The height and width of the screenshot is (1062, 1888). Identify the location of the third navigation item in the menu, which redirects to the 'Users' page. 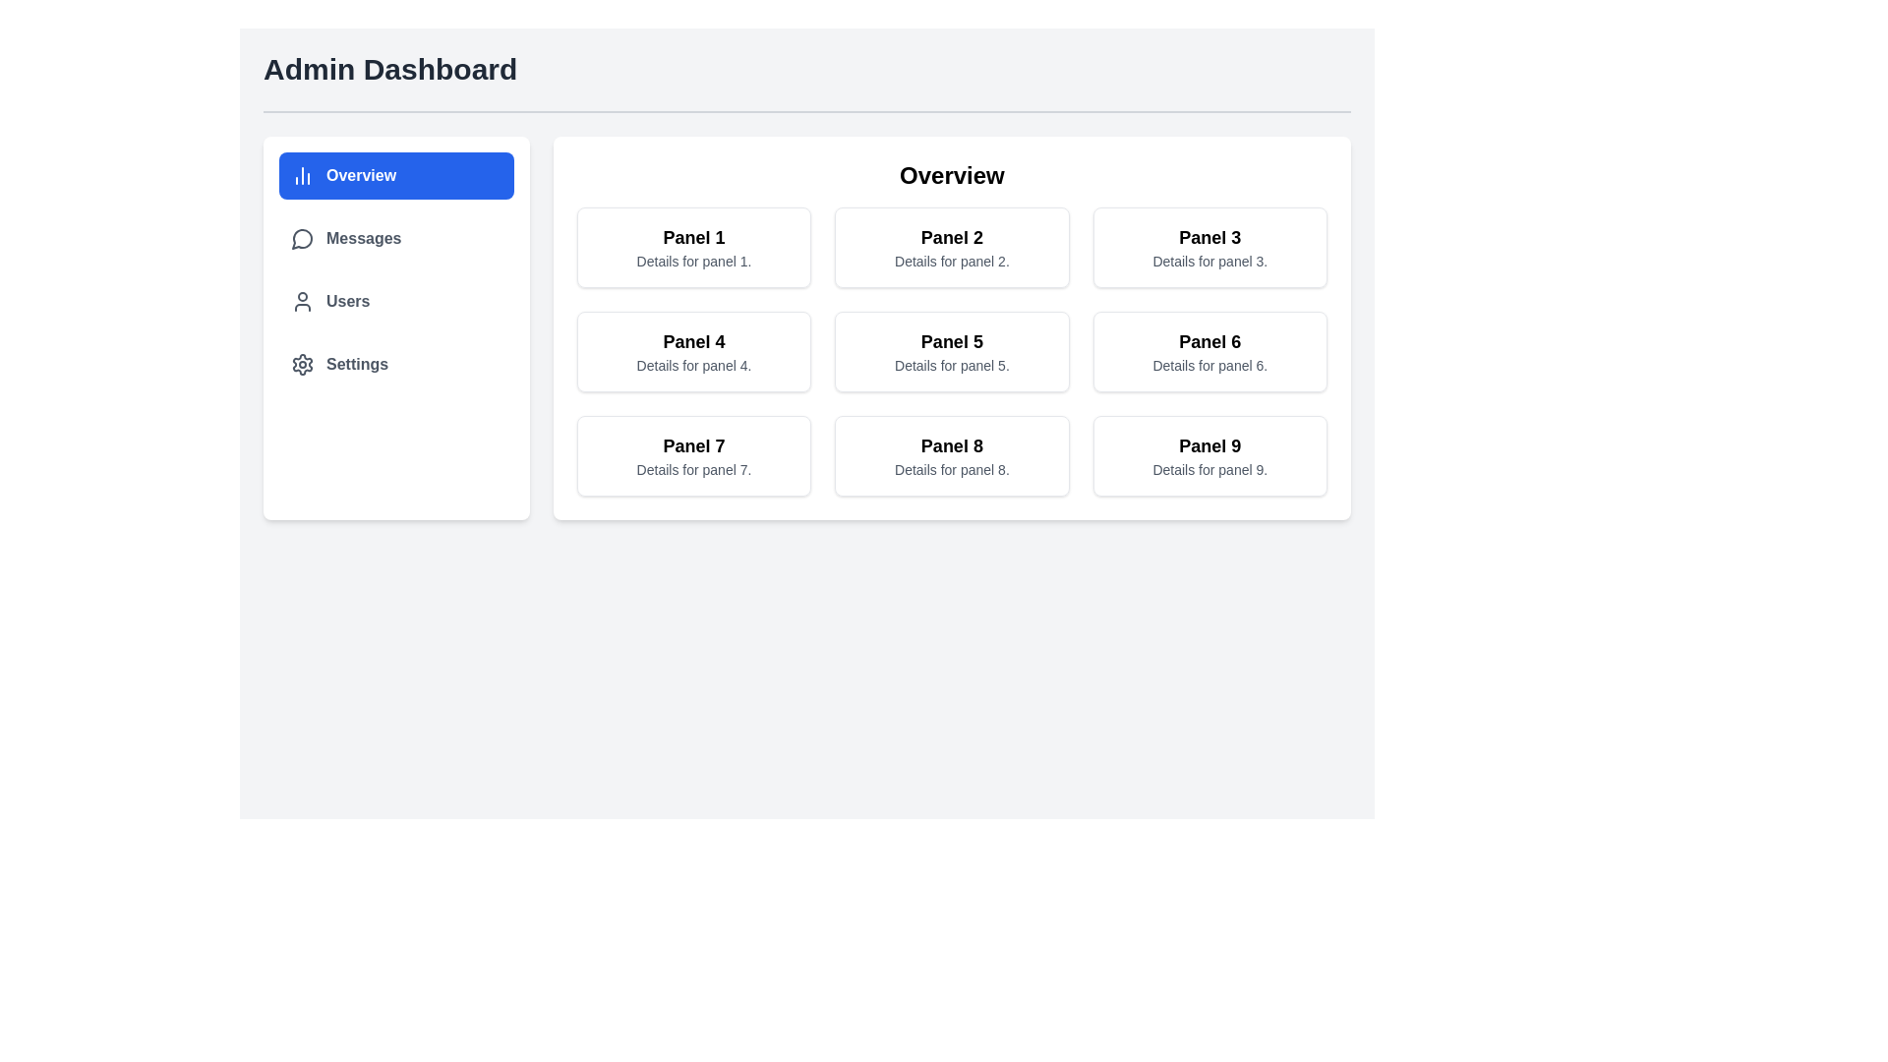
(395, 302).